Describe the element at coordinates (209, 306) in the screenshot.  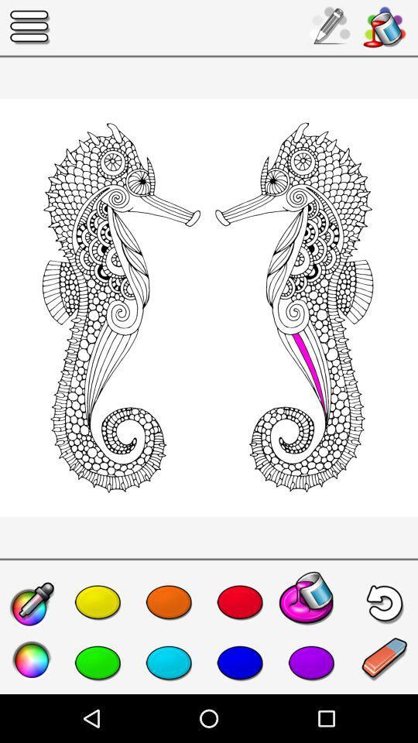
I see `item at the center` at that location.